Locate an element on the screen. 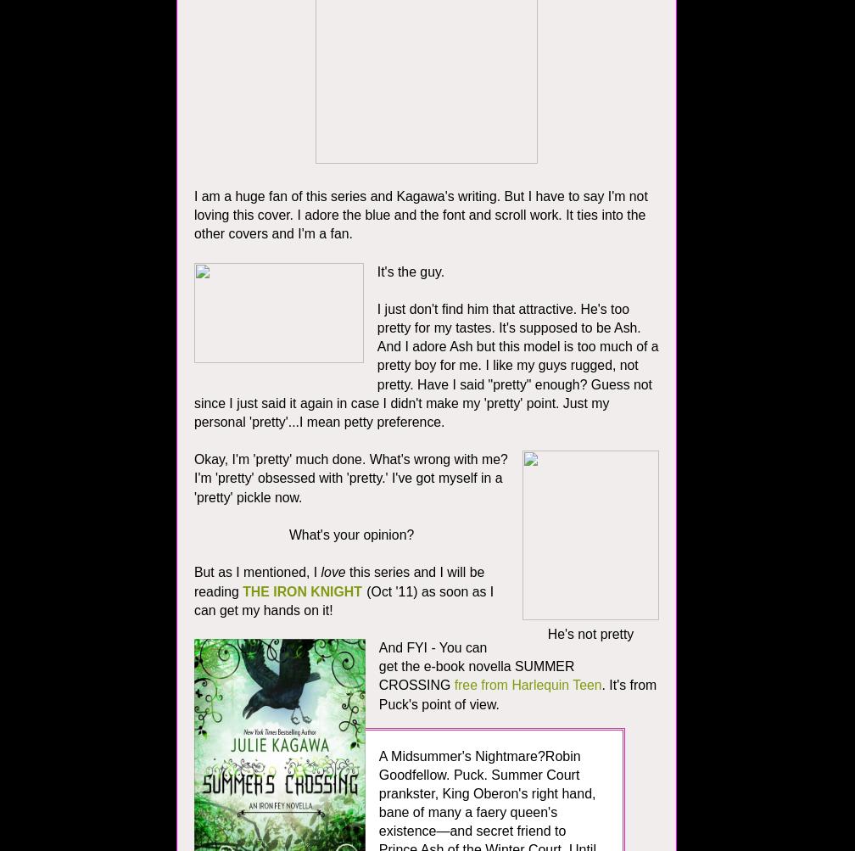 The width and height of the screenshot is (855, 851). 'He's not pretty' is located at coordinates (547, 633).